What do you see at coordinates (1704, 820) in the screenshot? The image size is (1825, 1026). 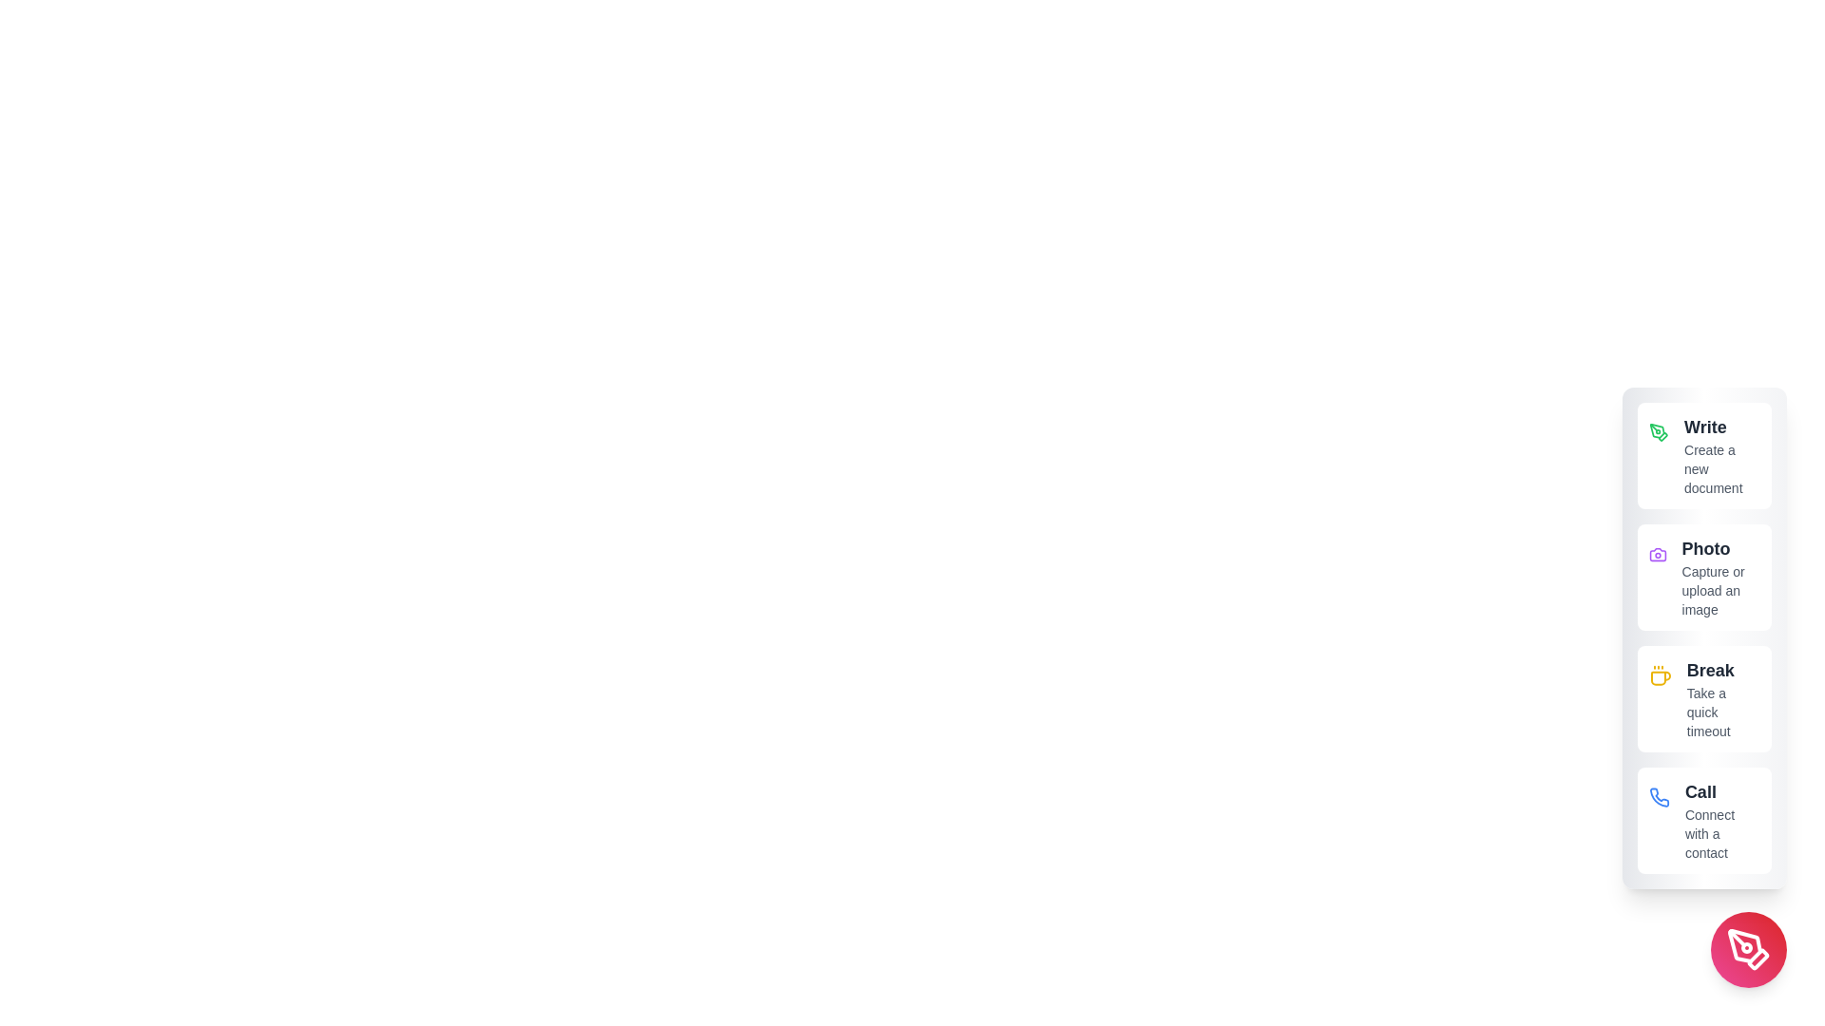 I see `the 'Call' button to connect with a contact` at bounding box center [1704, 820].